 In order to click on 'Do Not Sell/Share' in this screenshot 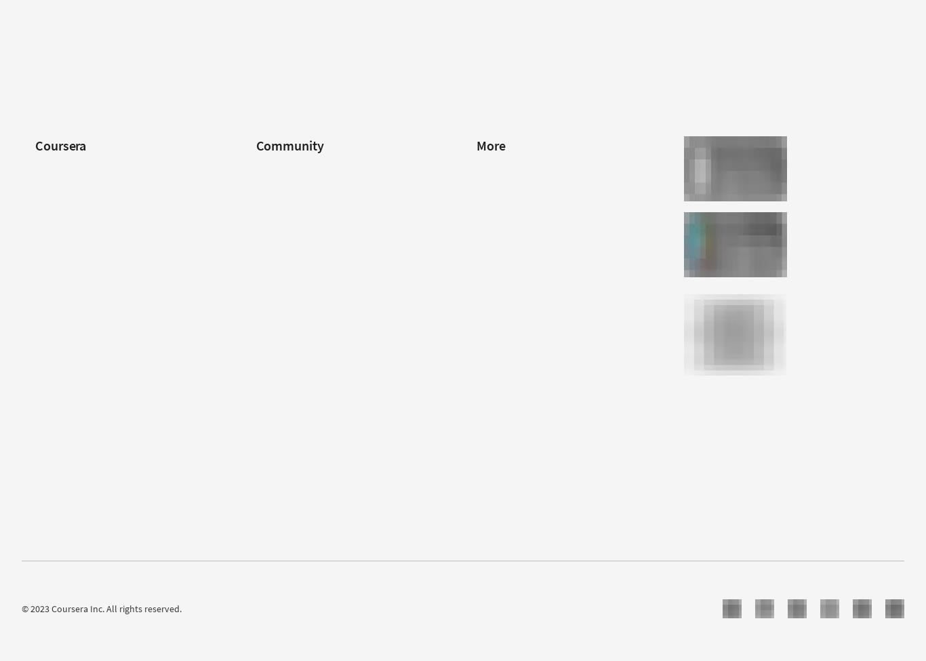, I will do `click(512, 393)`.